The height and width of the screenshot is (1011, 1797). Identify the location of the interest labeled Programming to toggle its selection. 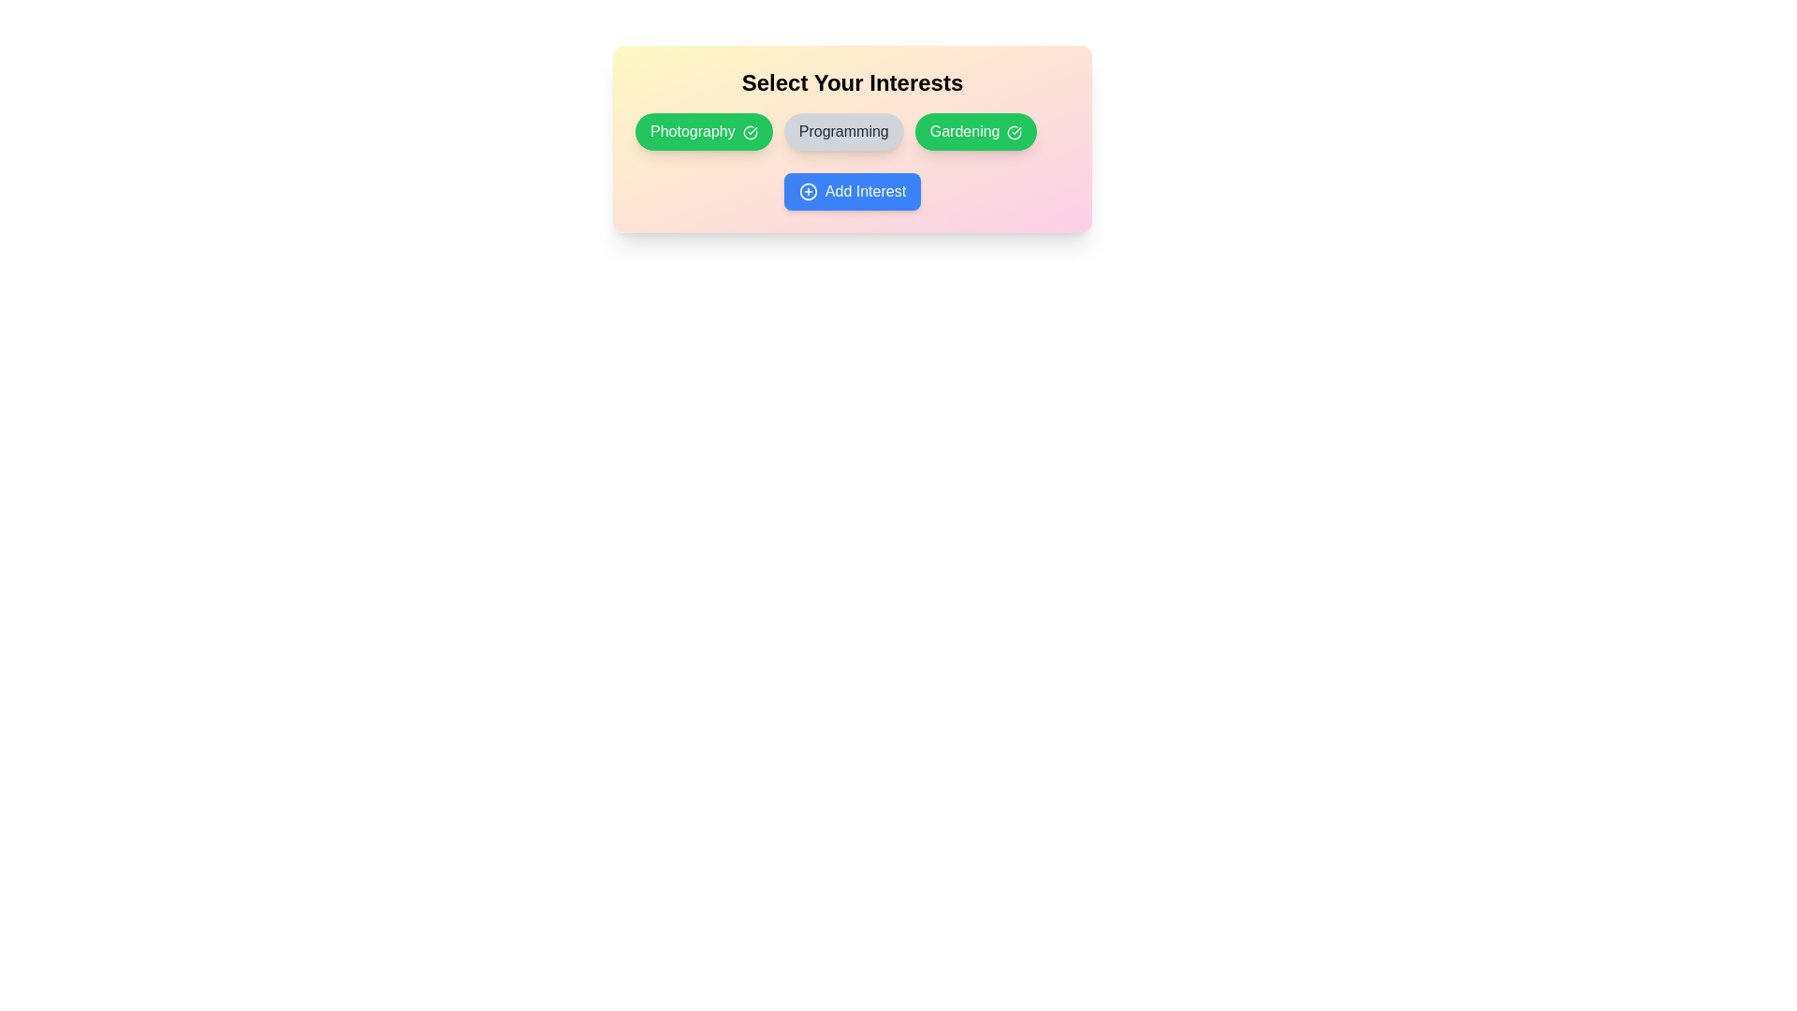
(842, 131).